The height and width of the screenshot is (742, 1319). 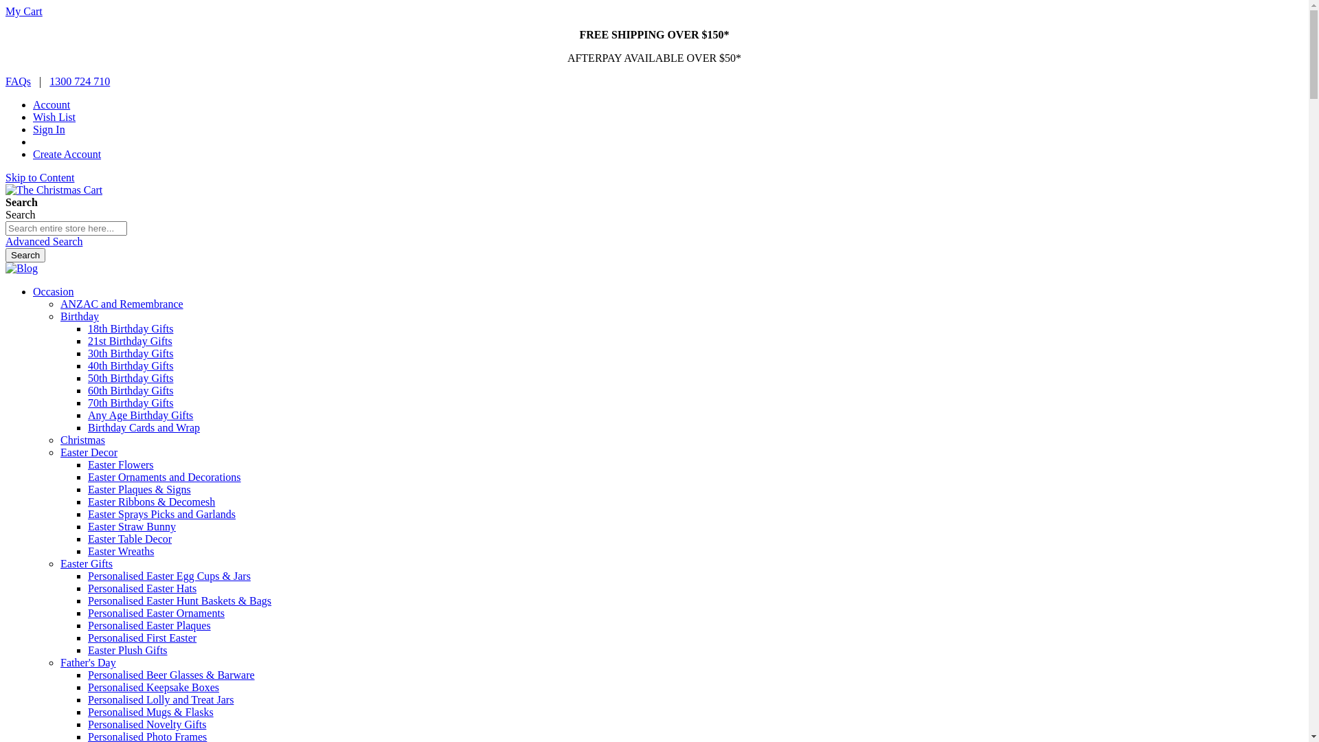 I want to click on 'Easter Sprays Picks and Garlands', so click(x=87, y=514).